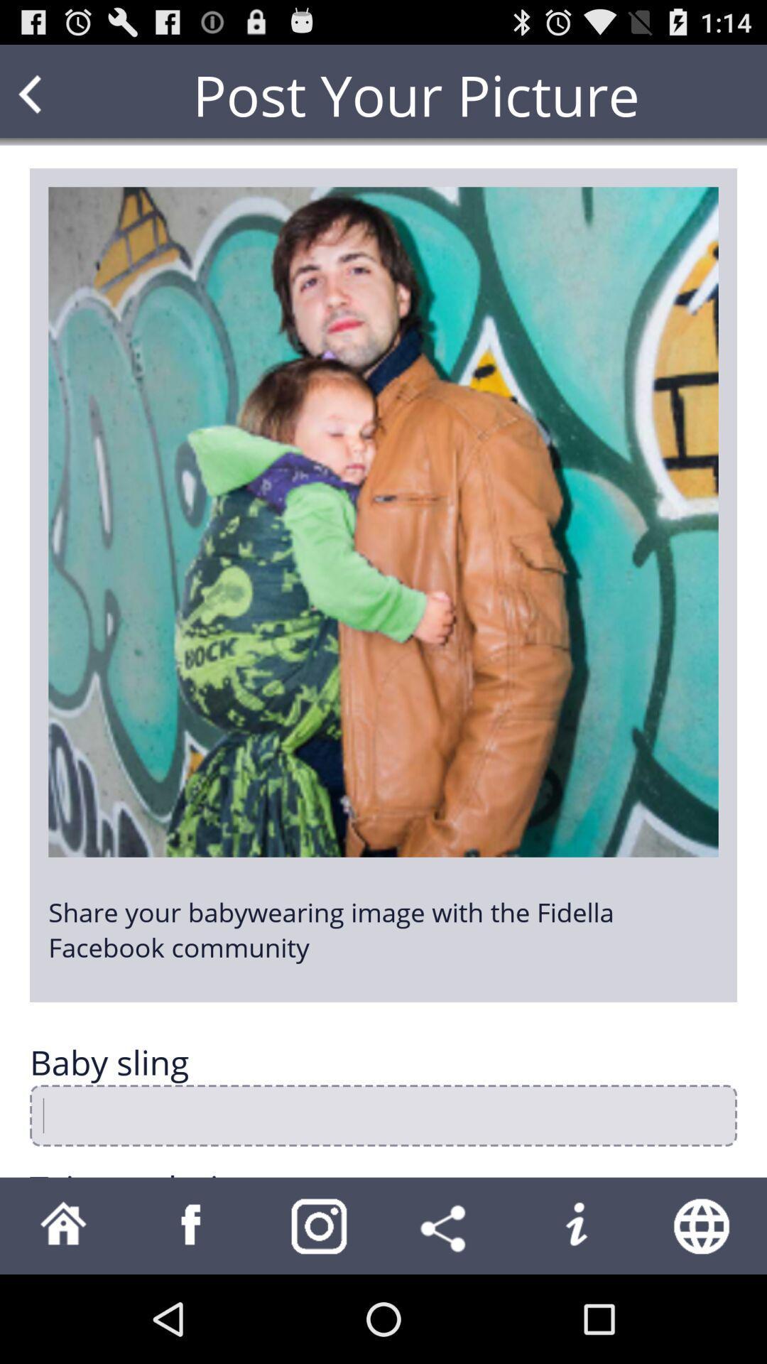 This screenshot has height=1364, width=767. What do you see at coordinates (446, 1311) in the screenshot?
I see `the share icon` at bounding box center [446, 1311].